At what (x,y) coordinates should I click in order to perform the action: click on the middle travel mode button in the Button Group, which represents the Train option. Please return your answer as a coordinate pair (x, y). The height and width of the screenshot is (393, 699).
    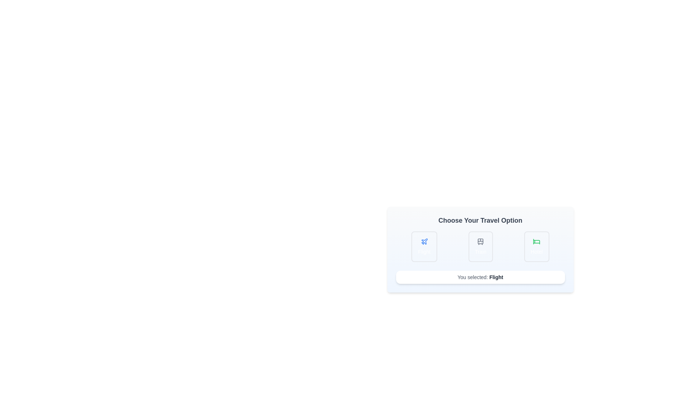
    Looking at the image, I should click on (480, 246).